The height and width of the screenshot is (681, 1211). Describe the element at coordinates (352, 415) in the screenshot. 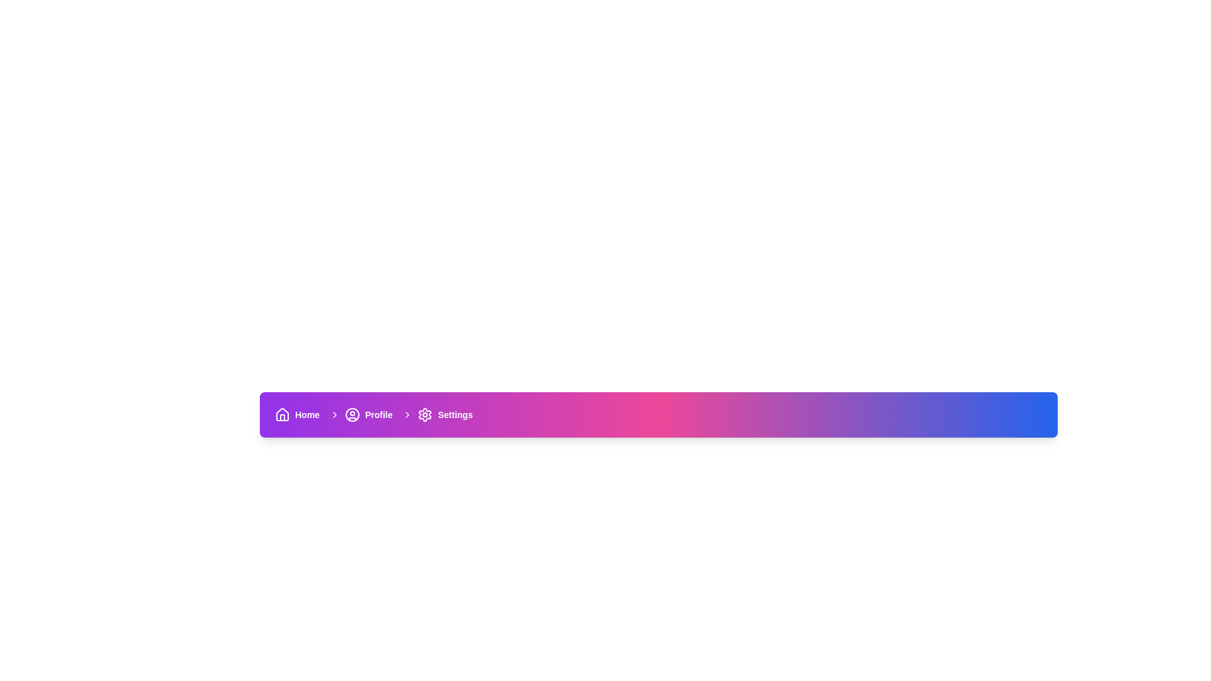

I see `the SVG Circle representing the 'Profile' section icon with a purple background gradient, located at the bottom center of the interface` at that location.